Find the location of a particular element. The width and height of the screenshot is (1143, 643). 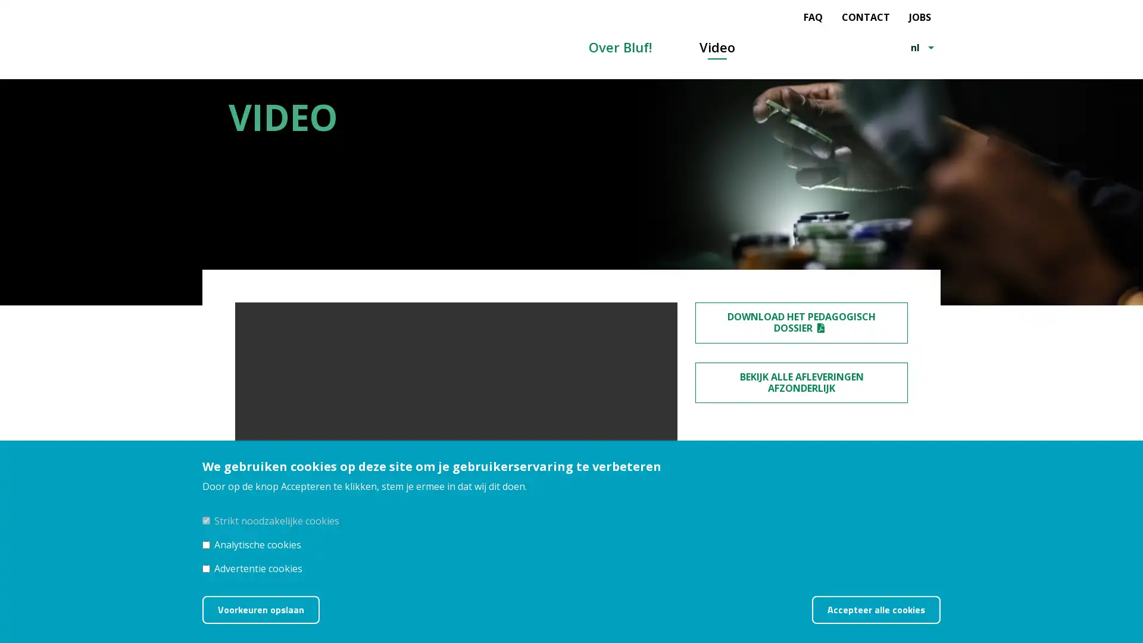

play is located at coordinates (248, 494).